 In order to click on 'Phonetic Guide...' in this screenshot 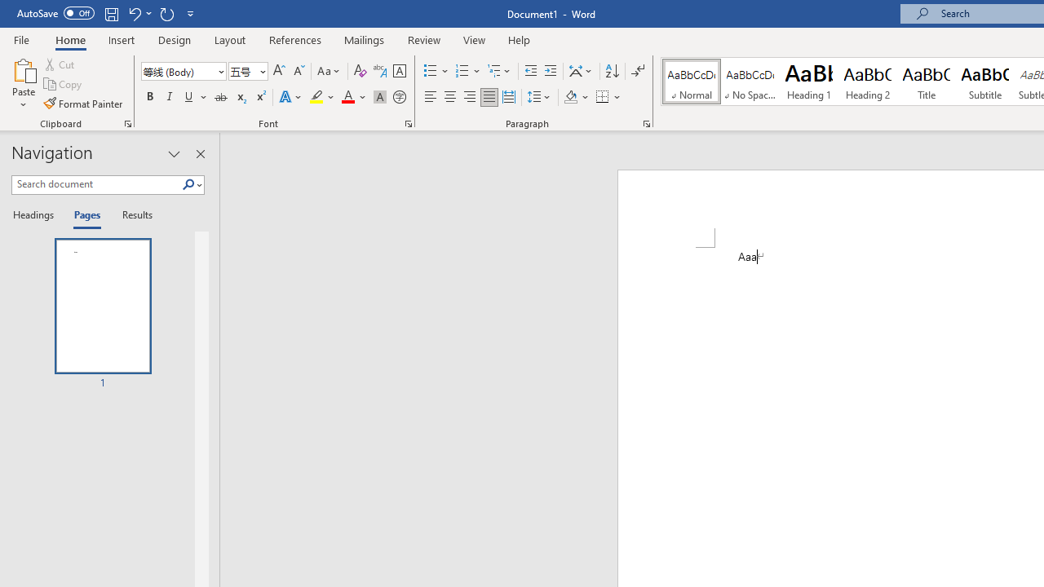, I will do `click(378, 70)`.